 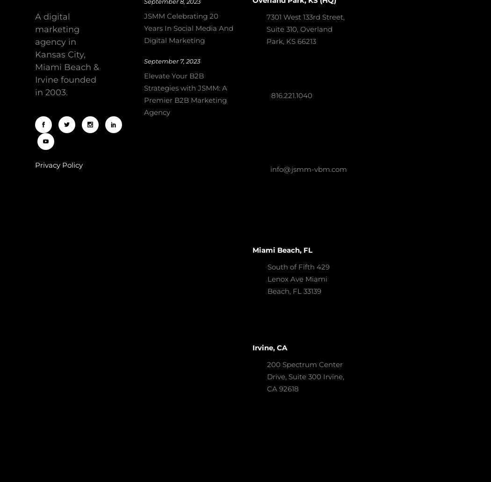 I want to click on '7301 West 133rd Street, Suite 310, Overland Park, KS 66213', so click(x=305, y=29).